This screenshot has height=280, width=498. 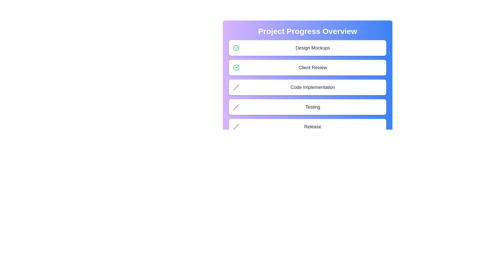 What do you see at coordinates (307, 87) in the screenshot?
I see `the 'Code Implementation' status panel` at bounding box center [307, 87].